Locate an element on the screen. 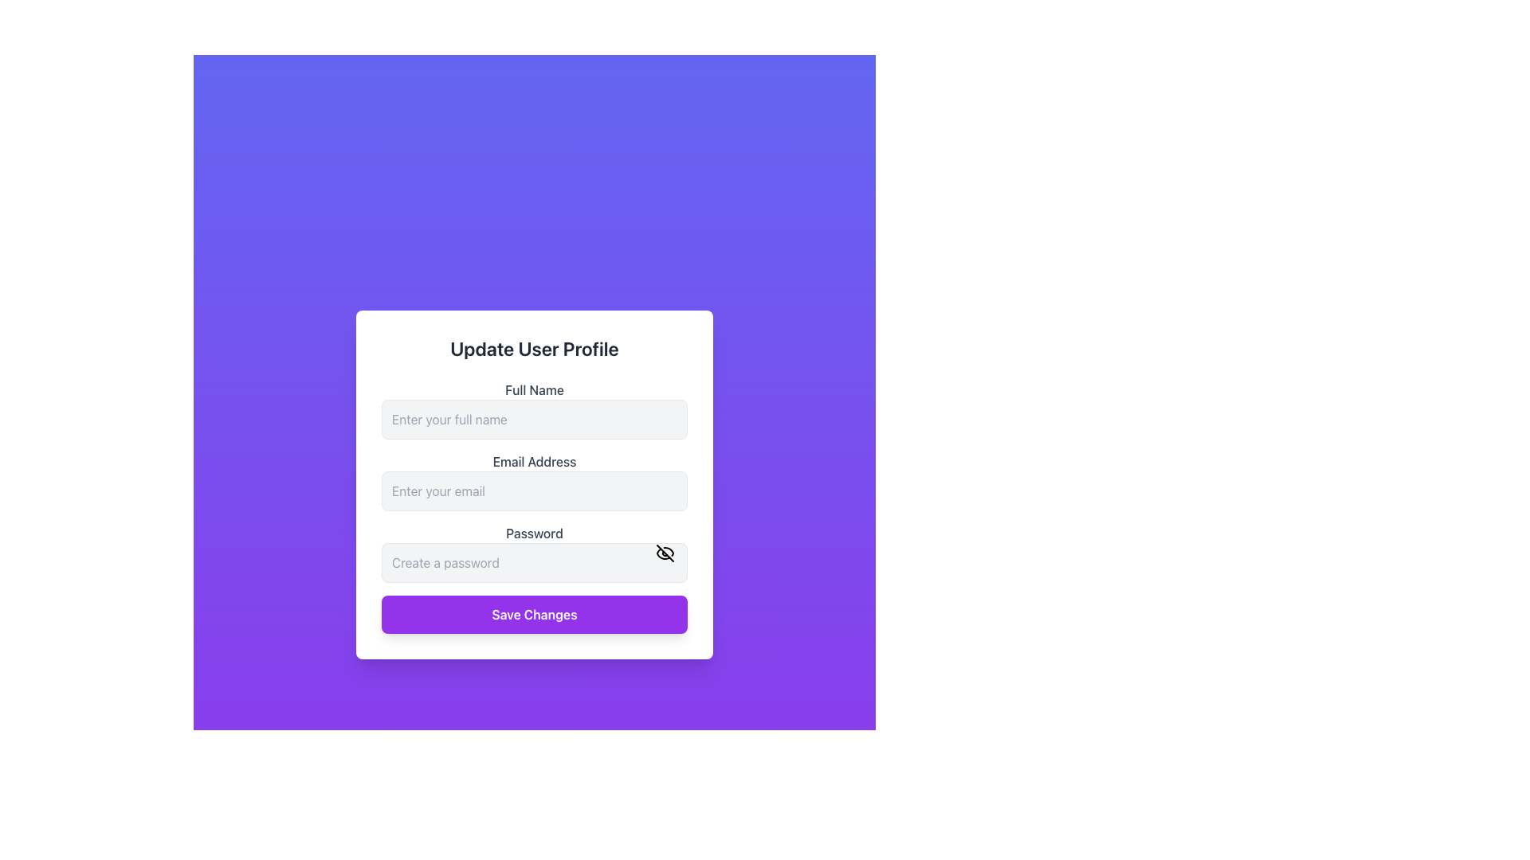 This screenshot has width=1530, height=860. the Icon button located at the right end of the 'Password' input field in the user profile update form is located at coordinates (663, 553).